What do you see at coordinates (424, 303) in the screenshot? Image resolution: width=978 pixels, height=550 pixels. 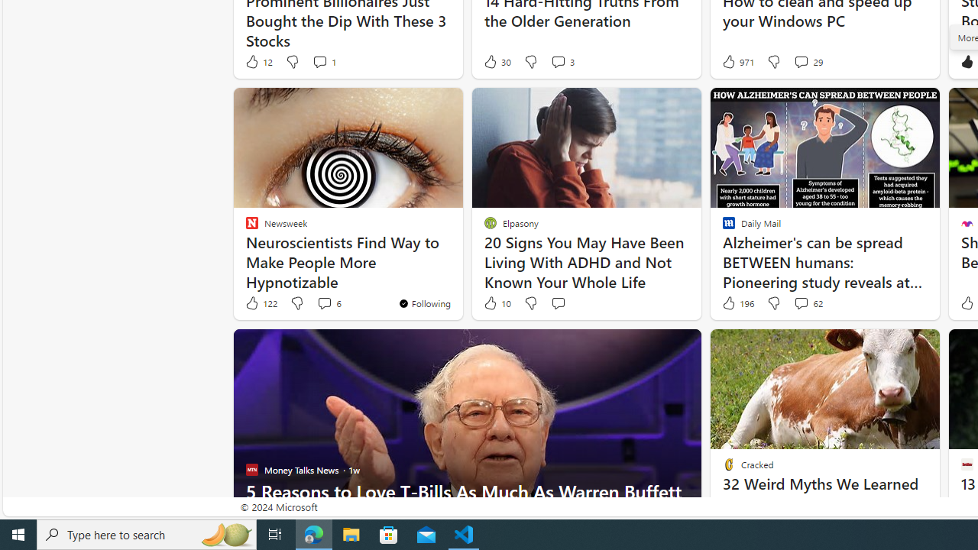 I see `'You'` at bounding box center [424, 303].